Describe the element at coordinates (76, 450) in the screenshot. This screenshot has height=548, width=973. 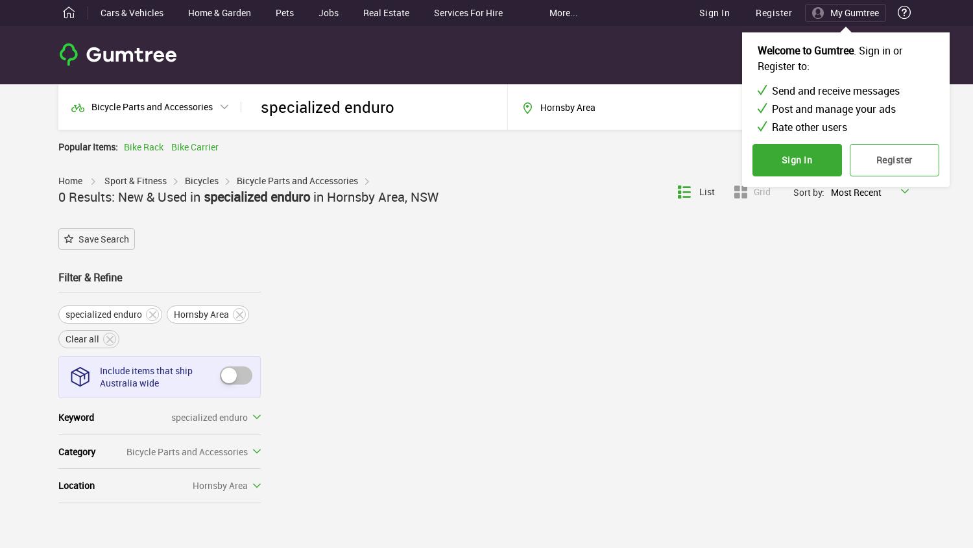
I see `'Category'` at that location.